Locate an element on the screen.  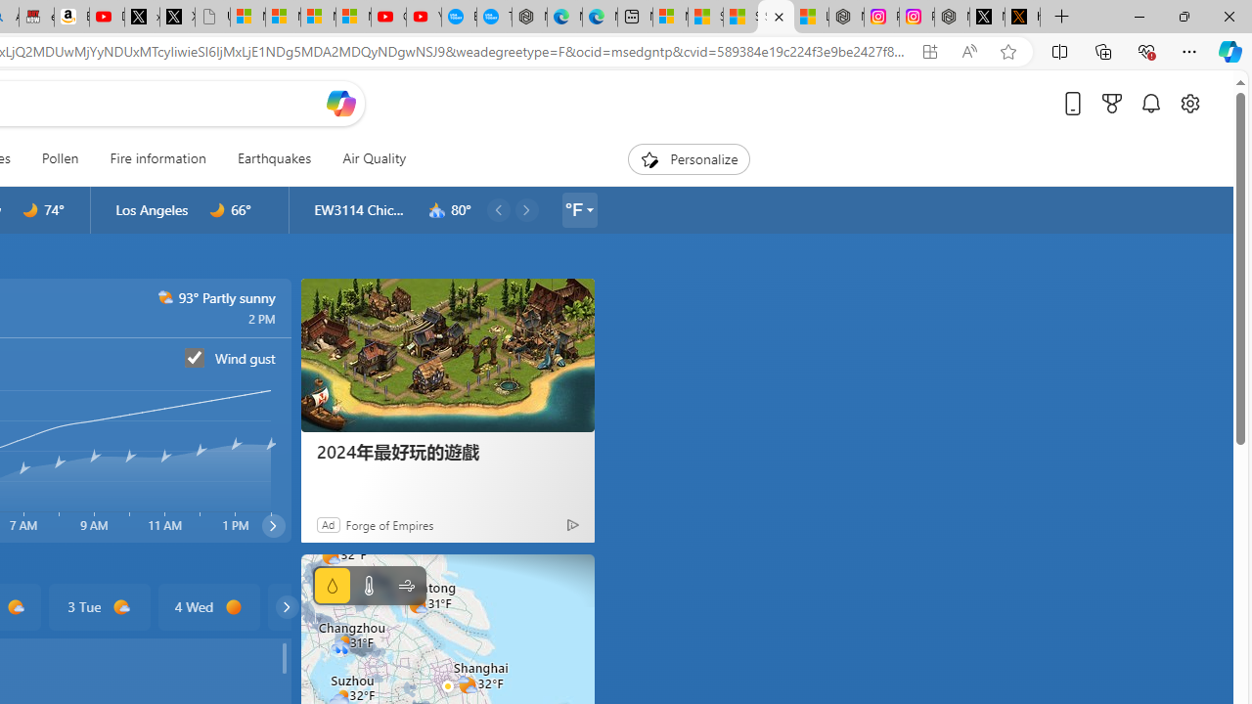
'Air Quality' is located at coordinates (374, 158).